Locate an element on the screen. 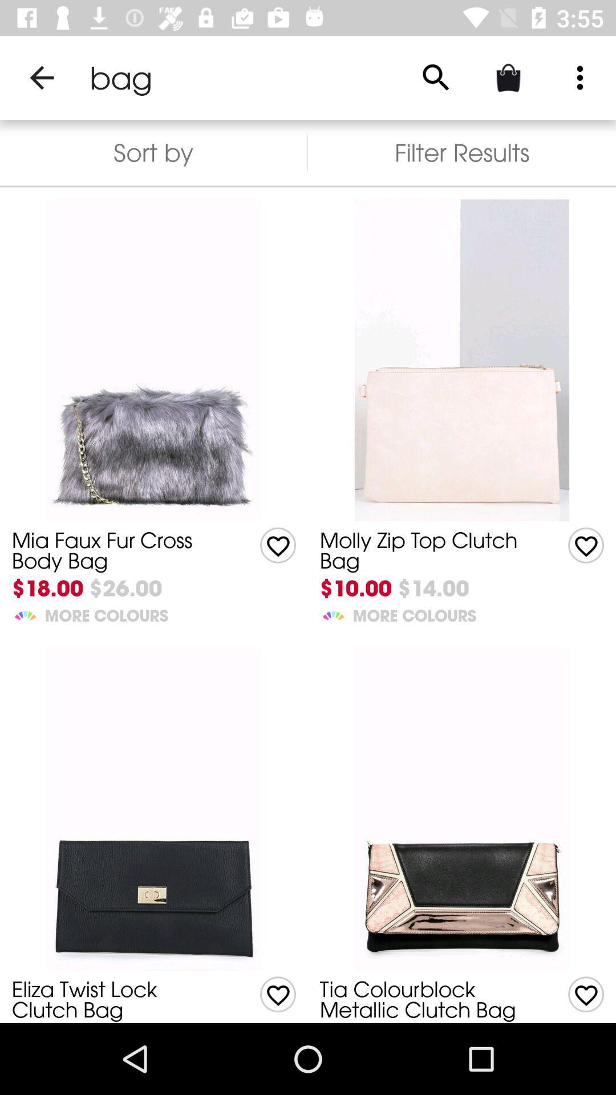  the mia faux fur item is located at coordinates (118, 550).